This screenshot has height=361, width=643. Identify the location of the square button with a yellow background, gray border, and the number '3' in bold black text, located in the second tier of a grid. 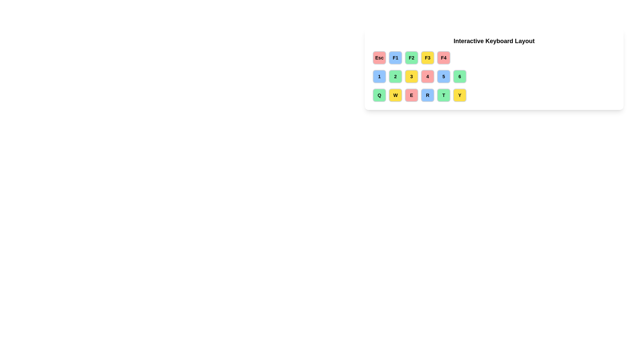
(411, 76).